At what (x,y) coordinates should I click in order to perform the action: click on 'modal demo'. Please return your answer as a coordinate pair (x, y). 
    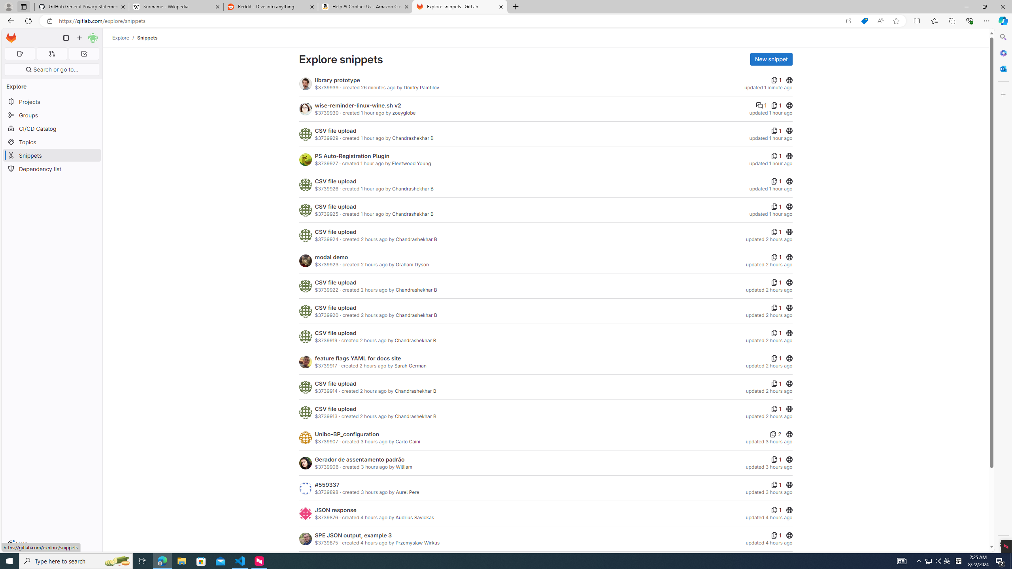
    Looking at the image, I should click on (331, 257).